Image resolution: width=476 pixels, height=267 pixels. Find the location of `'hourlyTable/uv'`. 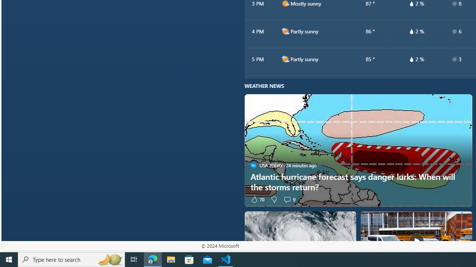

'hourlyTable/uv' is located at coordinates (454, 59).